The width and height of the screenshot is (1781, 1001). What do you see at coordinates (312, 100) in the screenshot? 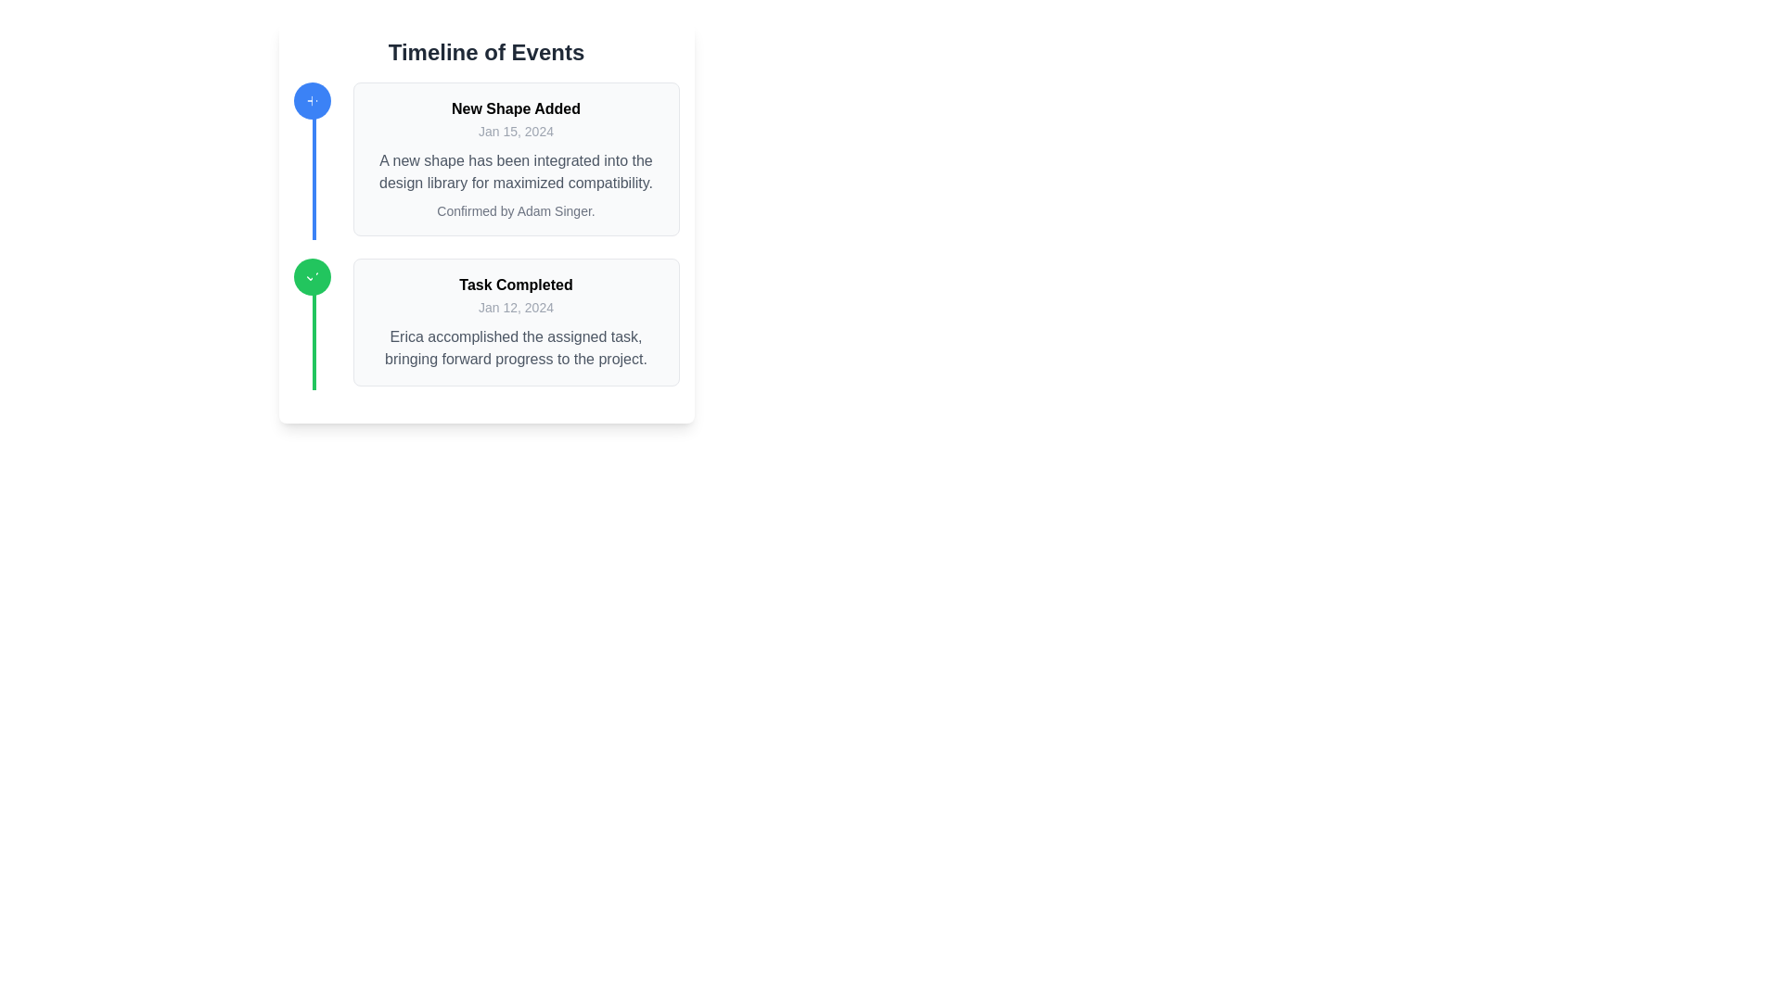
I see `the circular icon that indicates the 'New Shape Added' event, positioned to the left of the corresponding section in the timeline layout` at bounding box center [312, 100].